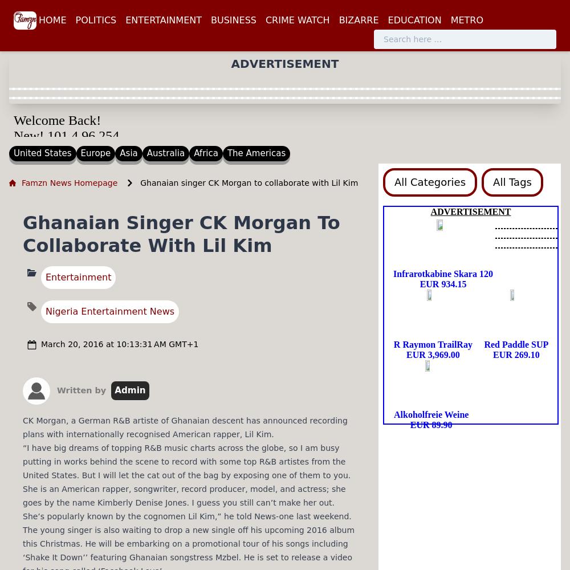  Describe the element at coordinates (338, 20) in the screenshot. I see `'BIZARRE'` at that location.